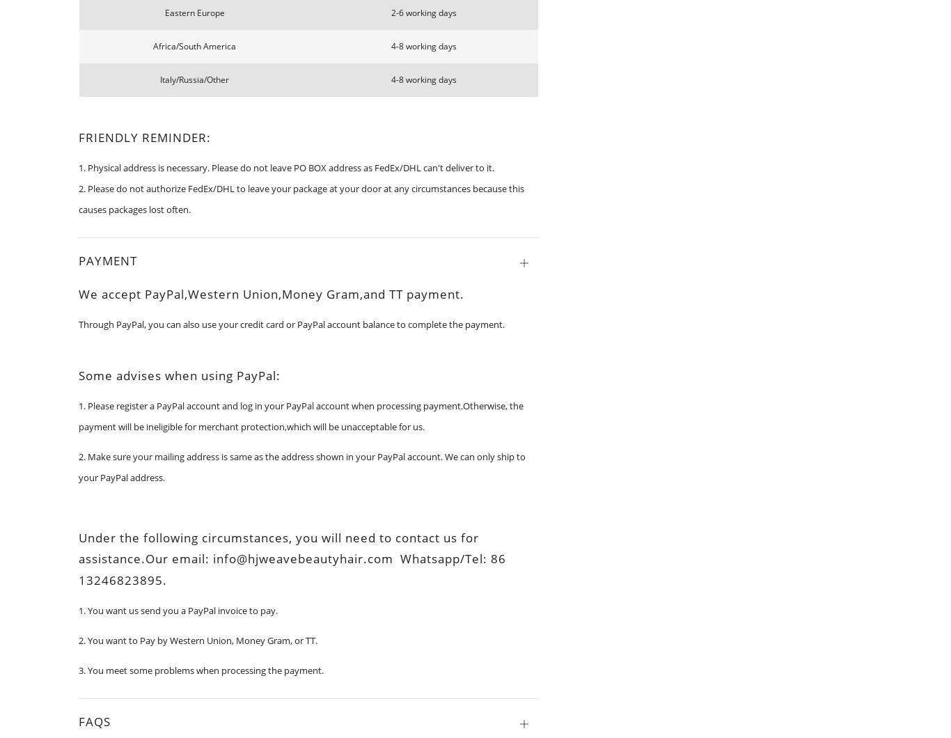 Image resolution: width=951 pixels, height=738 pixels. Describe the element at coordinates (78, 668) in the screenshot. I see `'3. You meet some problems when processing the payment.'` at that location.